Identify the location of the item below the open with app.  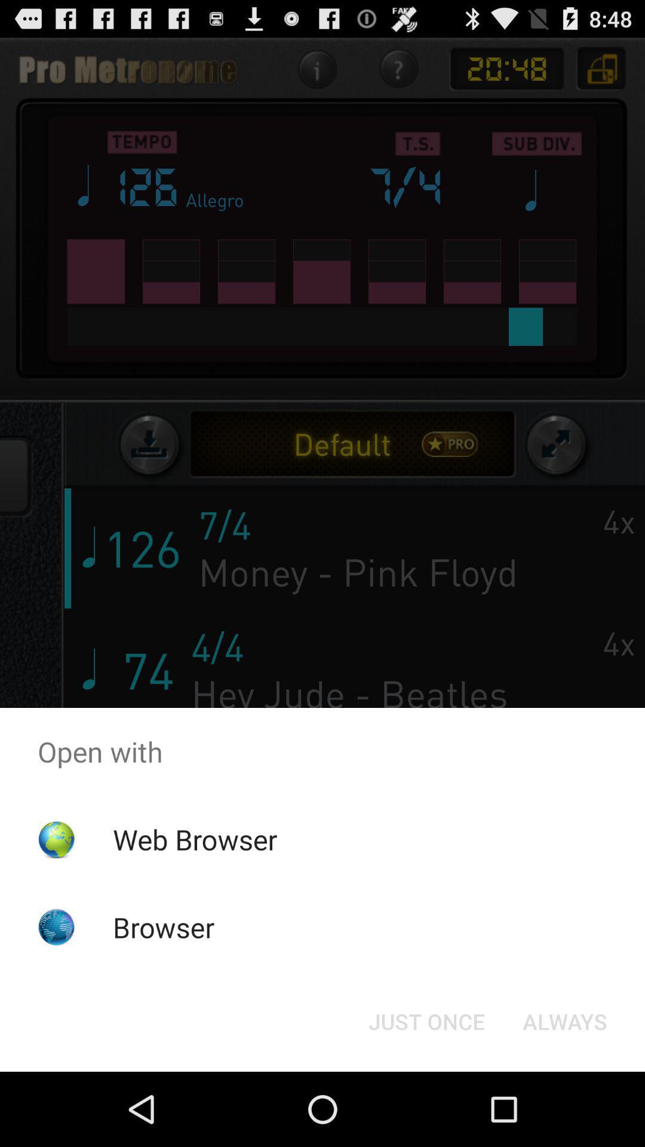
(426, 1020).